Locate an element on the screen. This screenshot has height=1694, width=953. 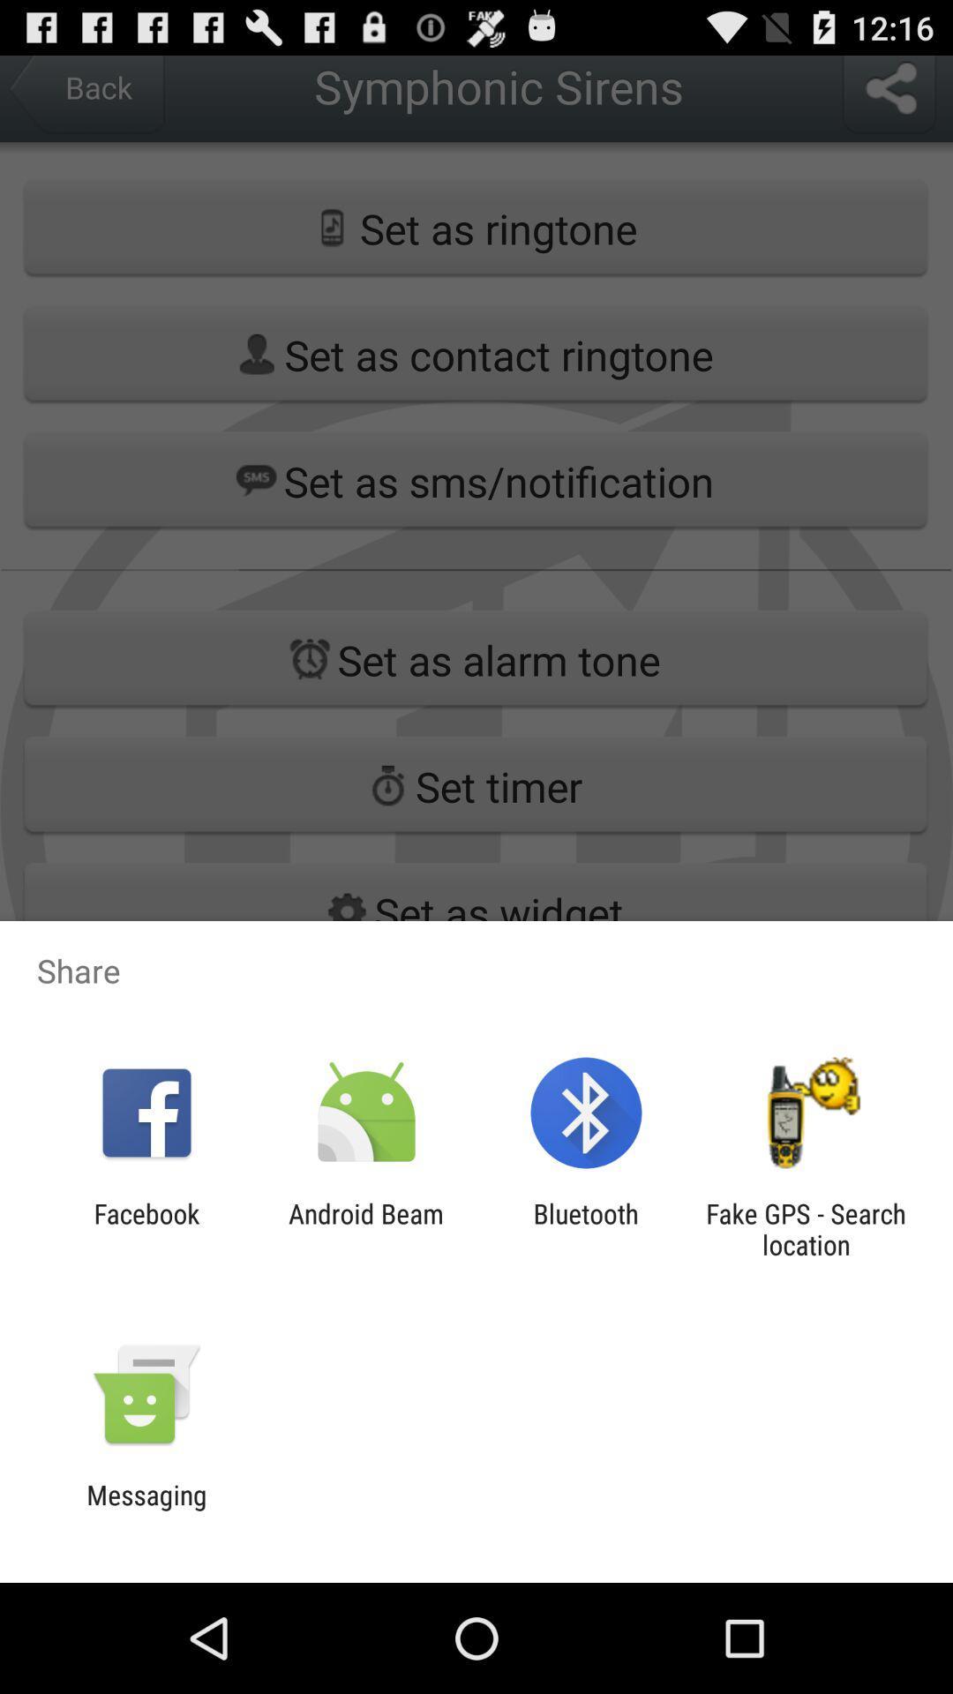
the item next to the bluetooth item is located at coordinates (806, 1228).